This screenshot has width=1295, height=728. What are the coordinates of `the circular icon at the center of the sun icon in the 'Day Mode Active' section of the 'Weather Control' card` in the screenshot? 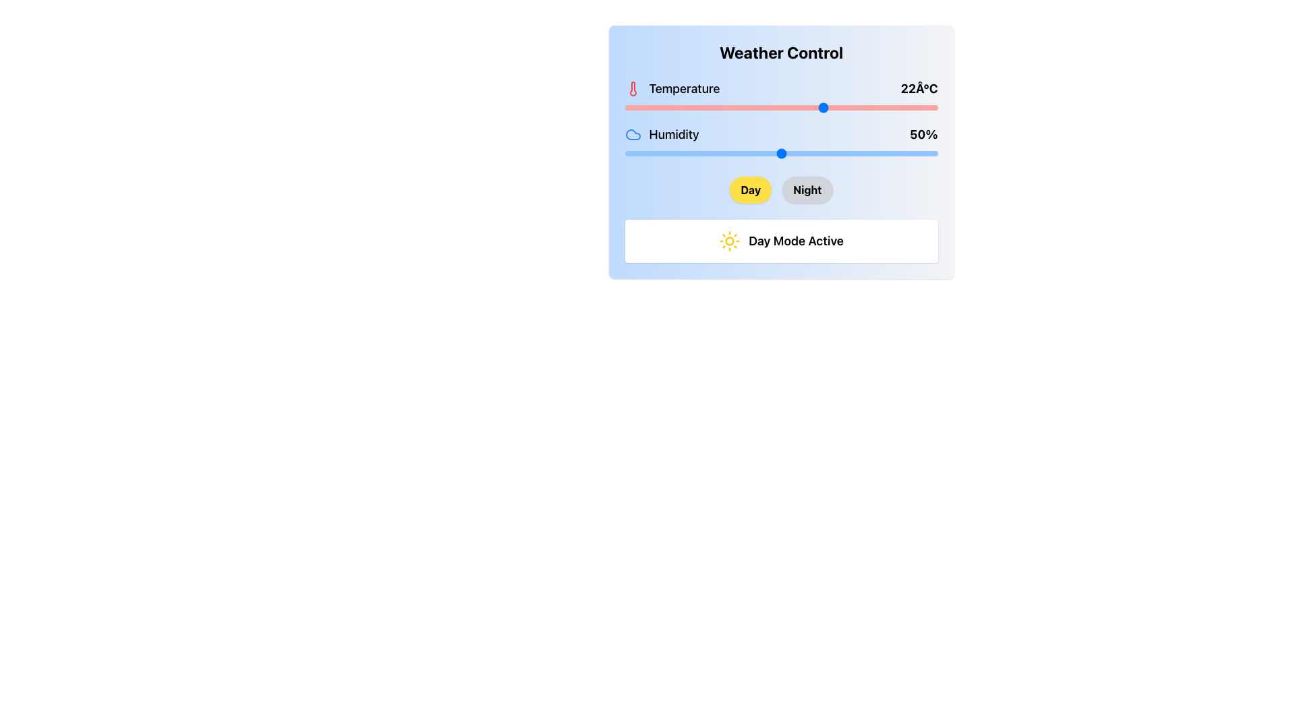 It's located at (729, 241).